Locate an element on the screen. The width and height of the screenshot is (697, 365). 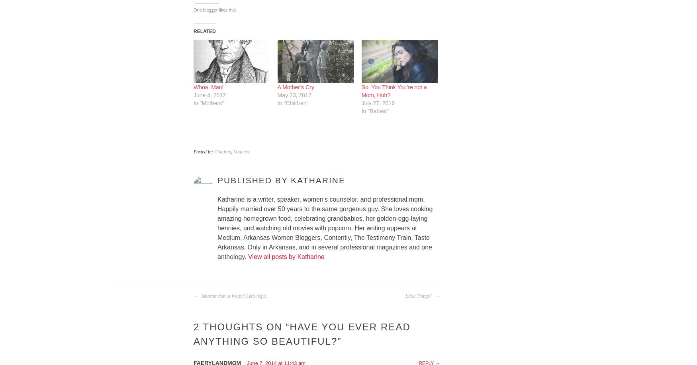
'Have You Ever Read Anything So Beautiful?' is located at coordinates (193, 334).